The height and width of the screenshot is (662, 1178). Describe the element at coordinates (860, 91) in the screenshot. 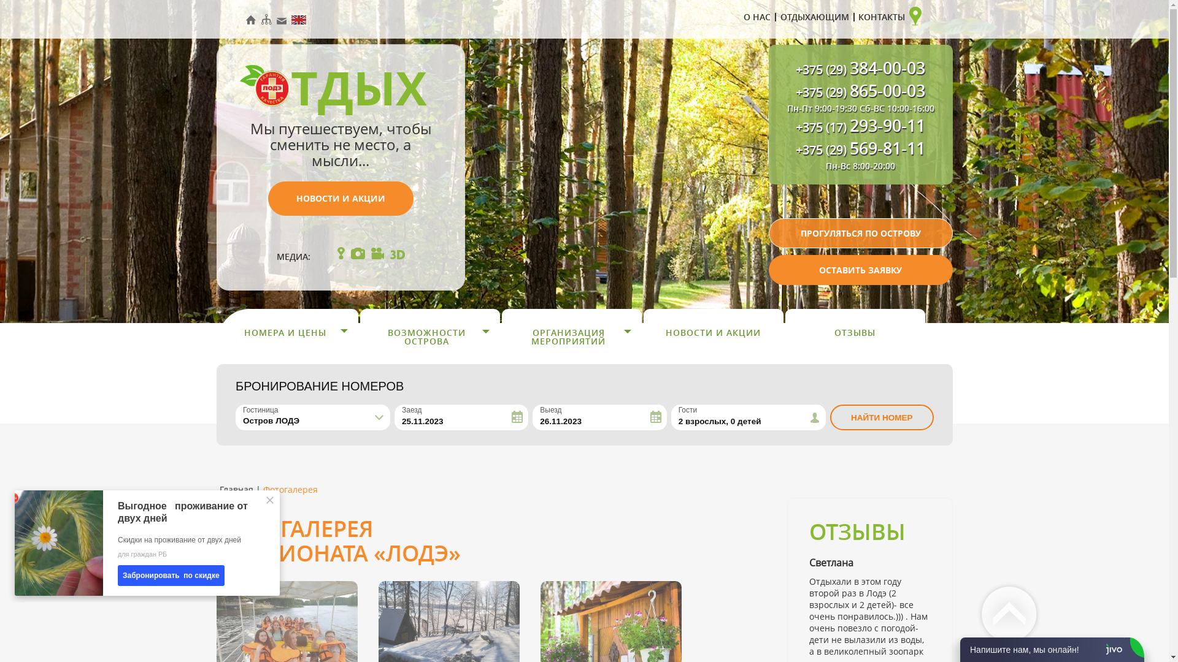

I see `'+375 (29) 865-00-03'` at that location.